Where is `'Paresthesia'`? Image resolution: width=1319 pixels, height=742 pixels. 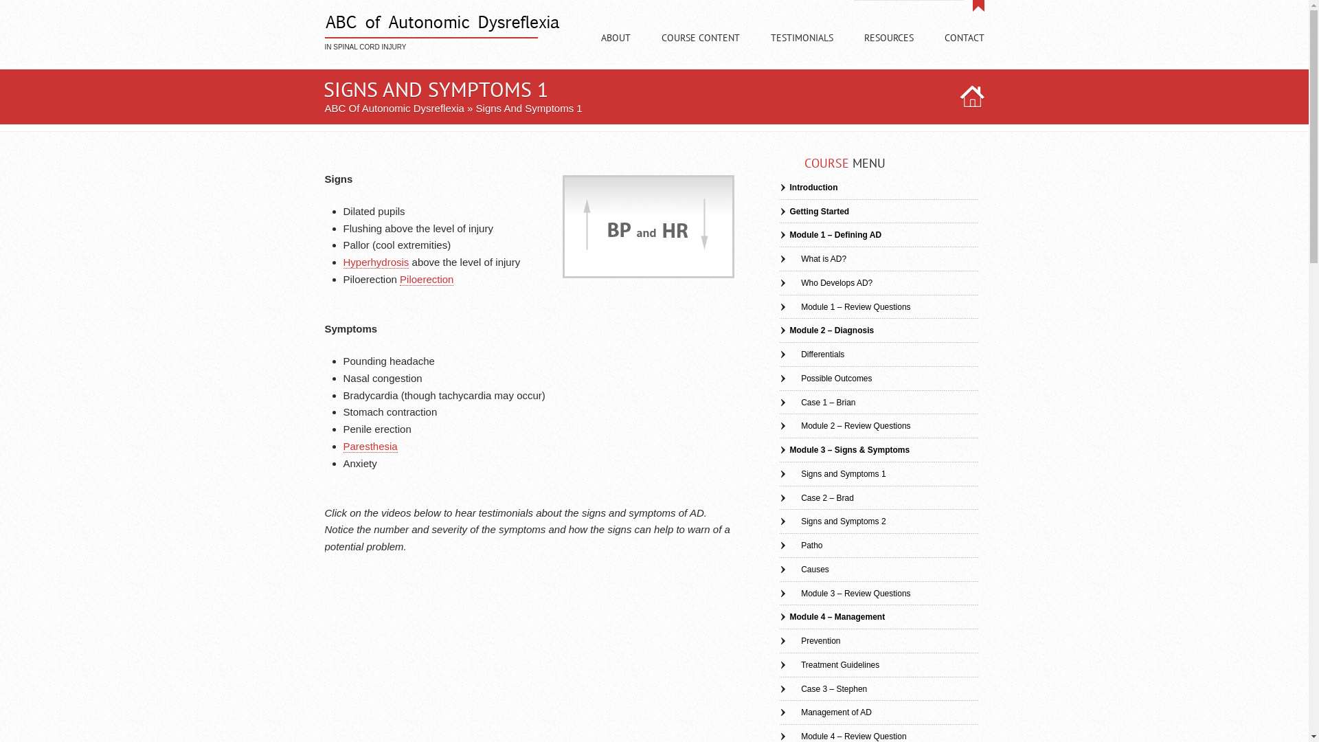 'Paresthesia' is located at coordinates (370, 447).